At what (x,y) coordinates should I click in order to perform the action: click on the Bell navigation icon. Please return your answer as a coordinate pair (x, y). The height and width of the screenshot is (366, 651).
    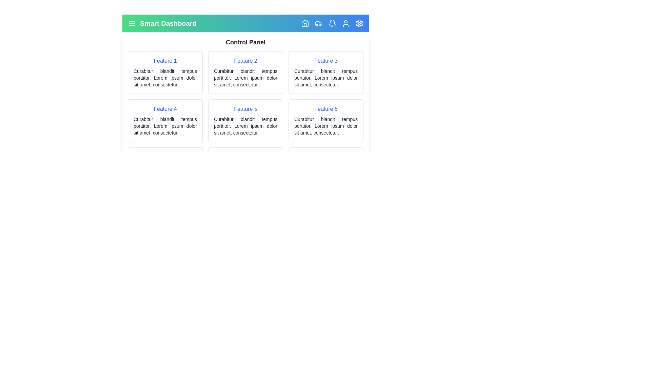
    Looking at the image, I should click on (332, 23).